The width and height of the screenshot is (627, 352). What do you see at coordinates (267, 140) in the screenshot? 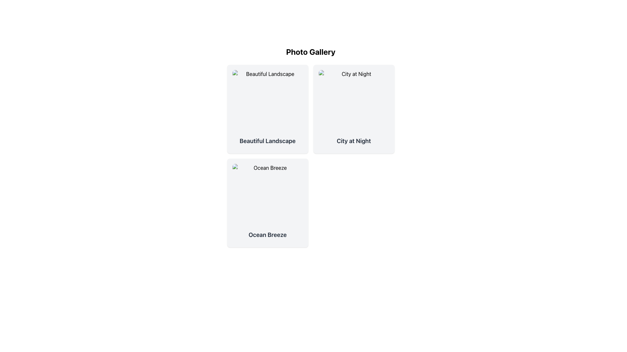
I see `the Text label that serves as a title or label describing the content in the landscape image card, located at the top-left corner of the grid layout` at bounding box center [267, 140].